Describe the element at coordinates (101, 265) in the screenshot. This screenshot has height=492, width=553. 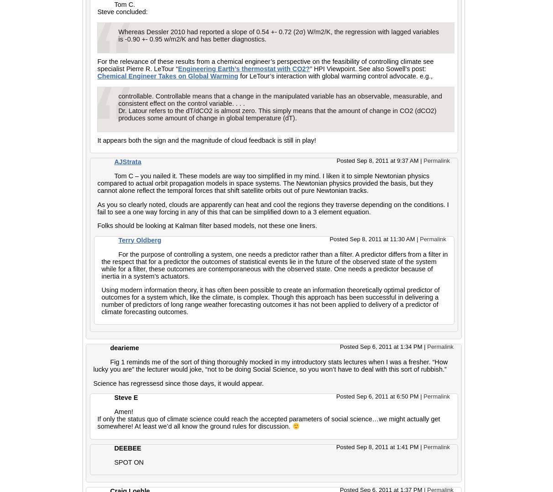
I see `'For the purpose of controlling a system, one needs a predictor rather than a filter. A predictor differs from a filter in the respect that for a predictor the outcomes of statistical events lie in the future of the observed state of the system while for a filter, these outcomes are contemporaneous with the observed state. One needs a predictor because of inertia in a system’s actuators.'` at that location.